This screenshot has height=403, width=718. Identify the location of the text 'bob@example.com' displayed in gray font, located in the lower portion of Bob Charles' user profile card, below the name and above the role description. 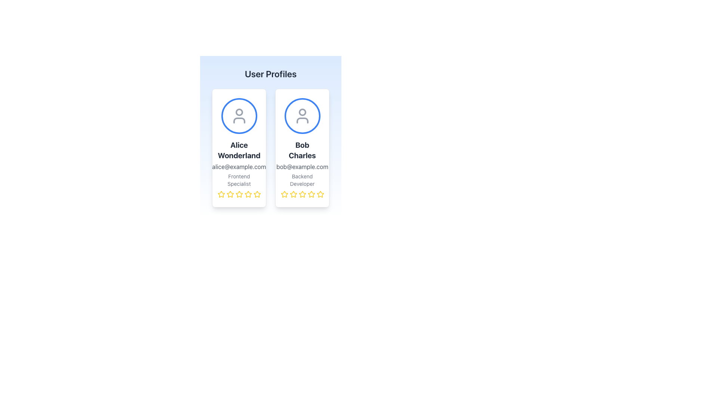
(302, 166).